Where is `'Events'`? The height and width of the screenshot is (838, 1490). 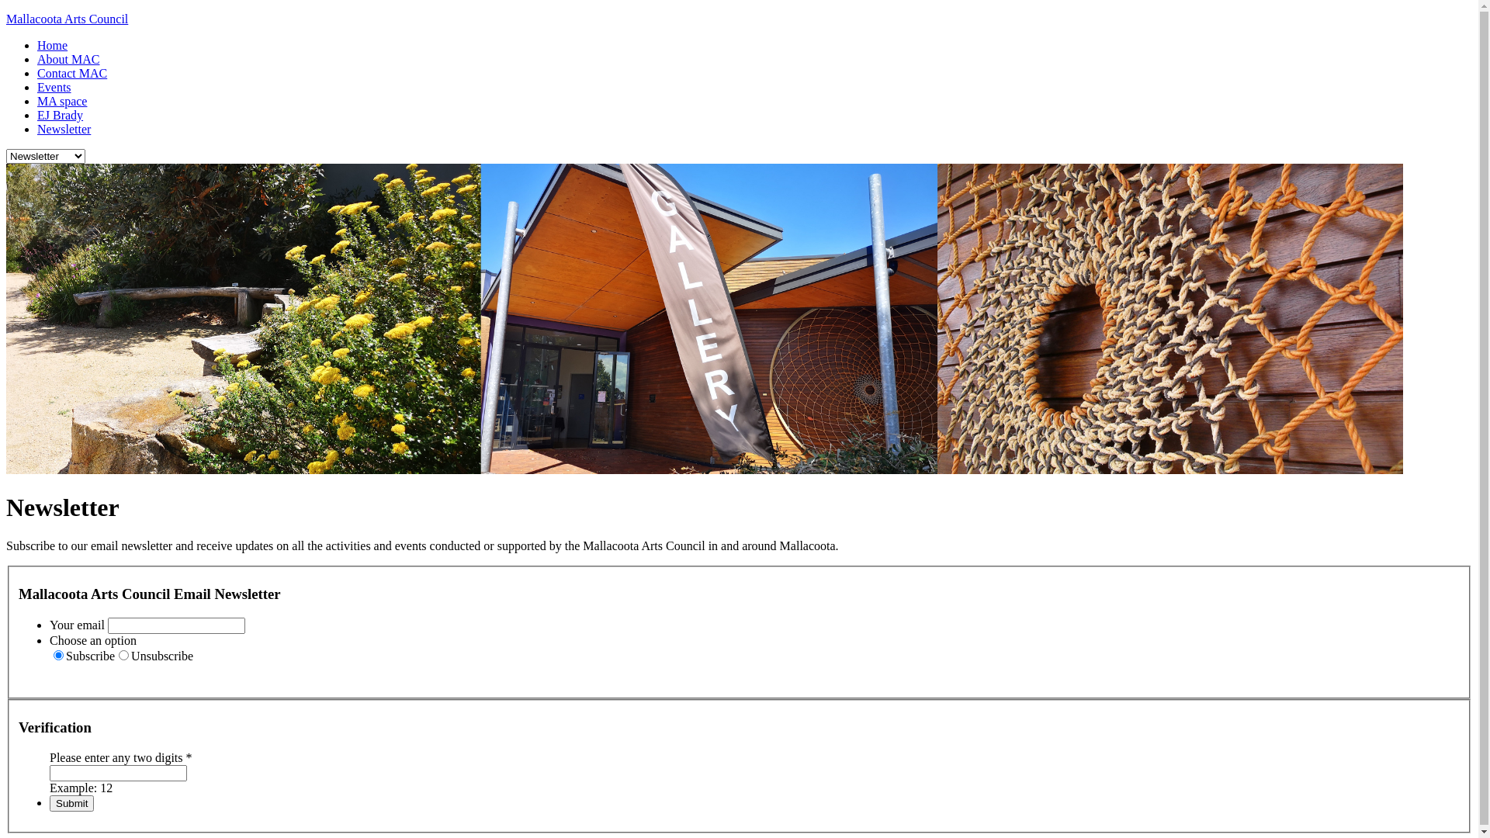 'Events' is located at coordinates (54, 87).